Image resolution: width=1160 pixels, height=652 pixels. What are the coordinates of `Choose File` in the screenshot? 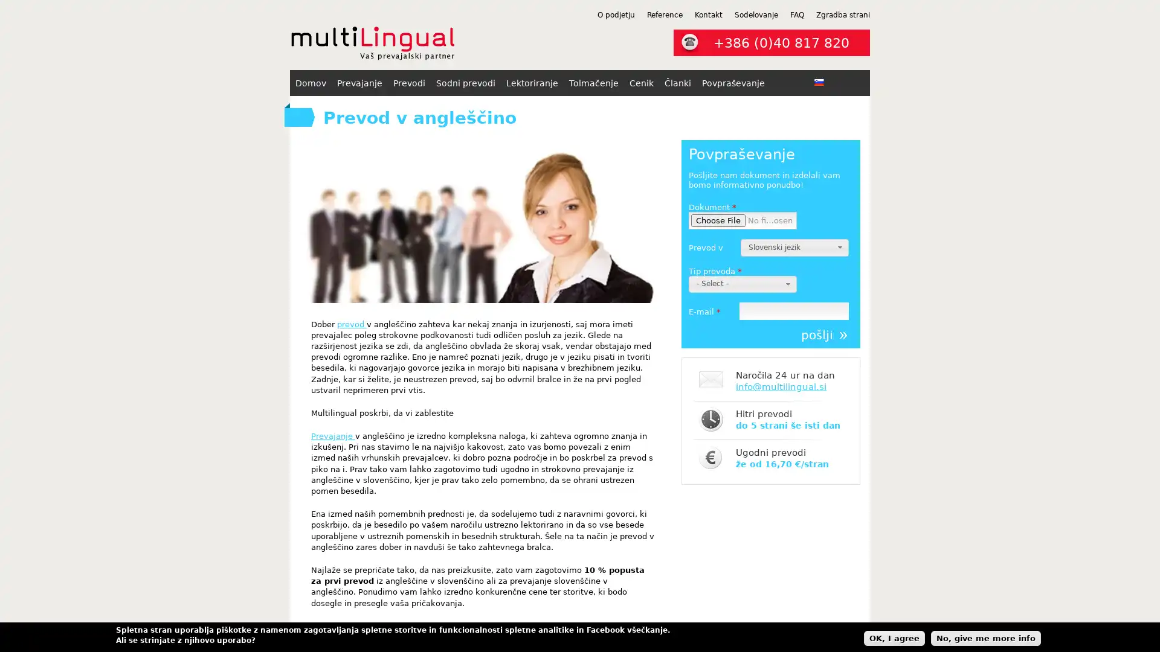 It's located at (718, 220).